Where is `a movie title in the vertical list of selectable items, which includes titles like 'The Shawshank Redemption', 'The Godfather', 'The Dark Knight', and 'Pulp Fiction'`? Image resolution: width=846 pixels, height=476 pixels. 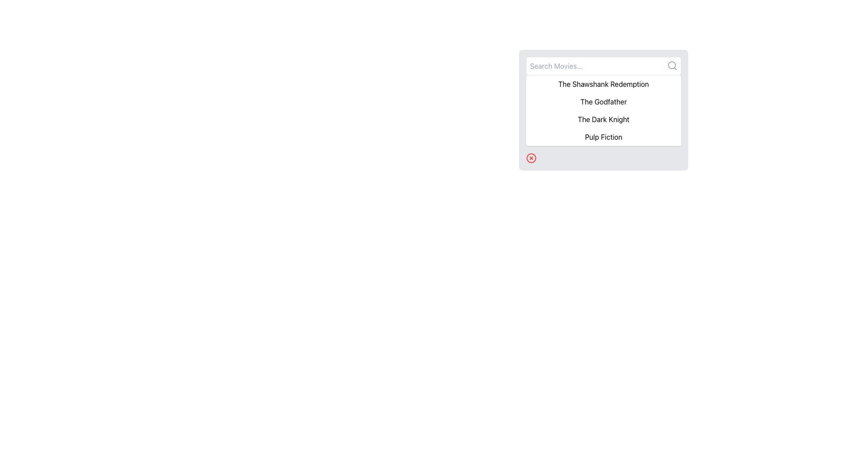 a movie title in the vertical list of selectable items, which includes titles like 'The Shawshank Redemption', 'The Godfather', 'The Dark Knight', and 'Pulp Fiction' is located at coordinates (603, 110).